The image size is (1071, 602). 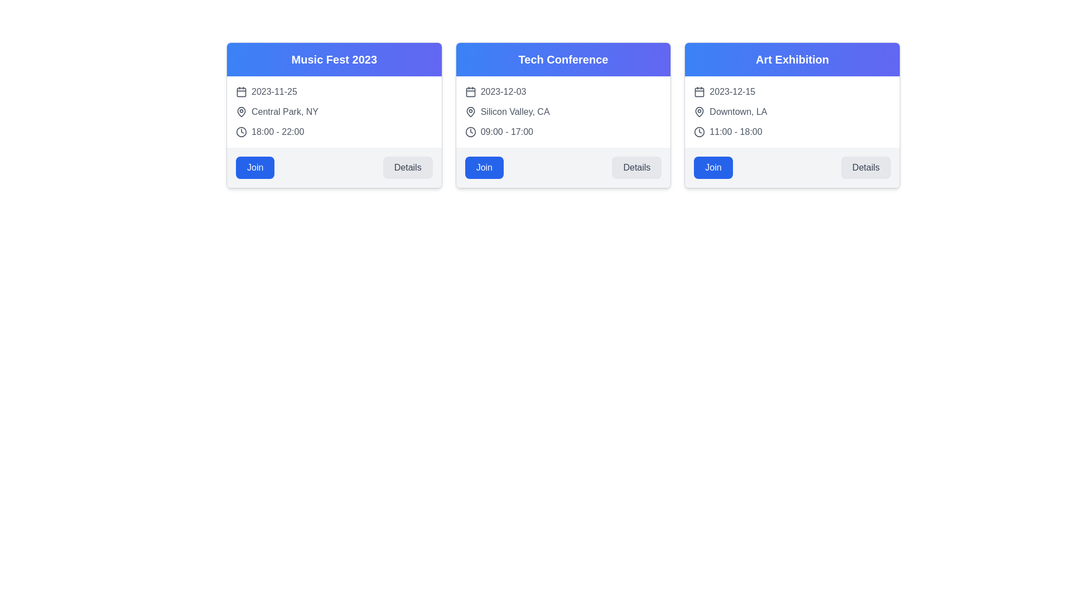 I want to click on the clock icon that indicates the time range '09:00 - 17:00' in the 'Tech Conference' card, positioned to the left of the time text, so click(x=470, y=131).